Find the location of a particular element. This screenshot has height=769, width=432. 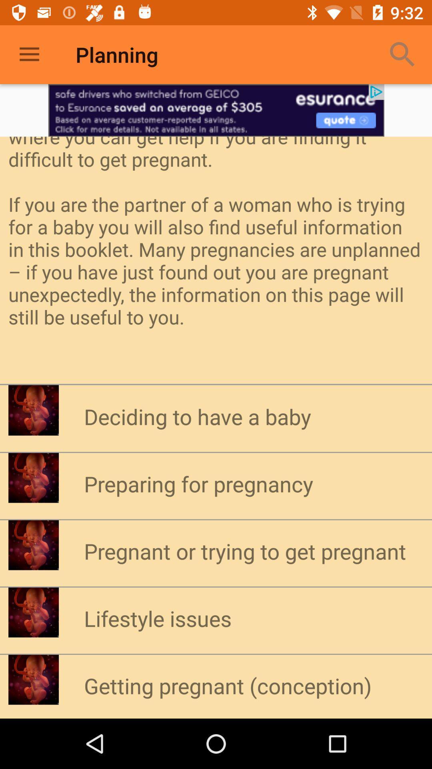

advertisement is located at coordinates (216, 110).